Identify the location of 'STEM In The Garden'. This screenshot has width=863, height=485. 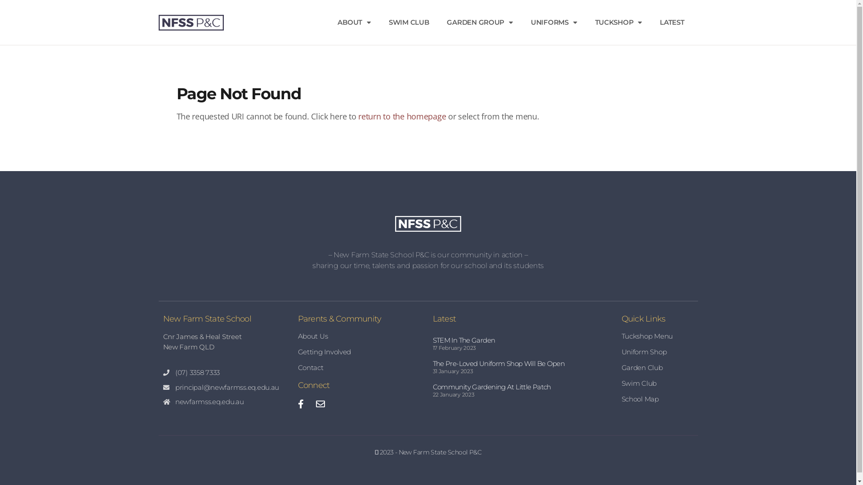
(463, 340).